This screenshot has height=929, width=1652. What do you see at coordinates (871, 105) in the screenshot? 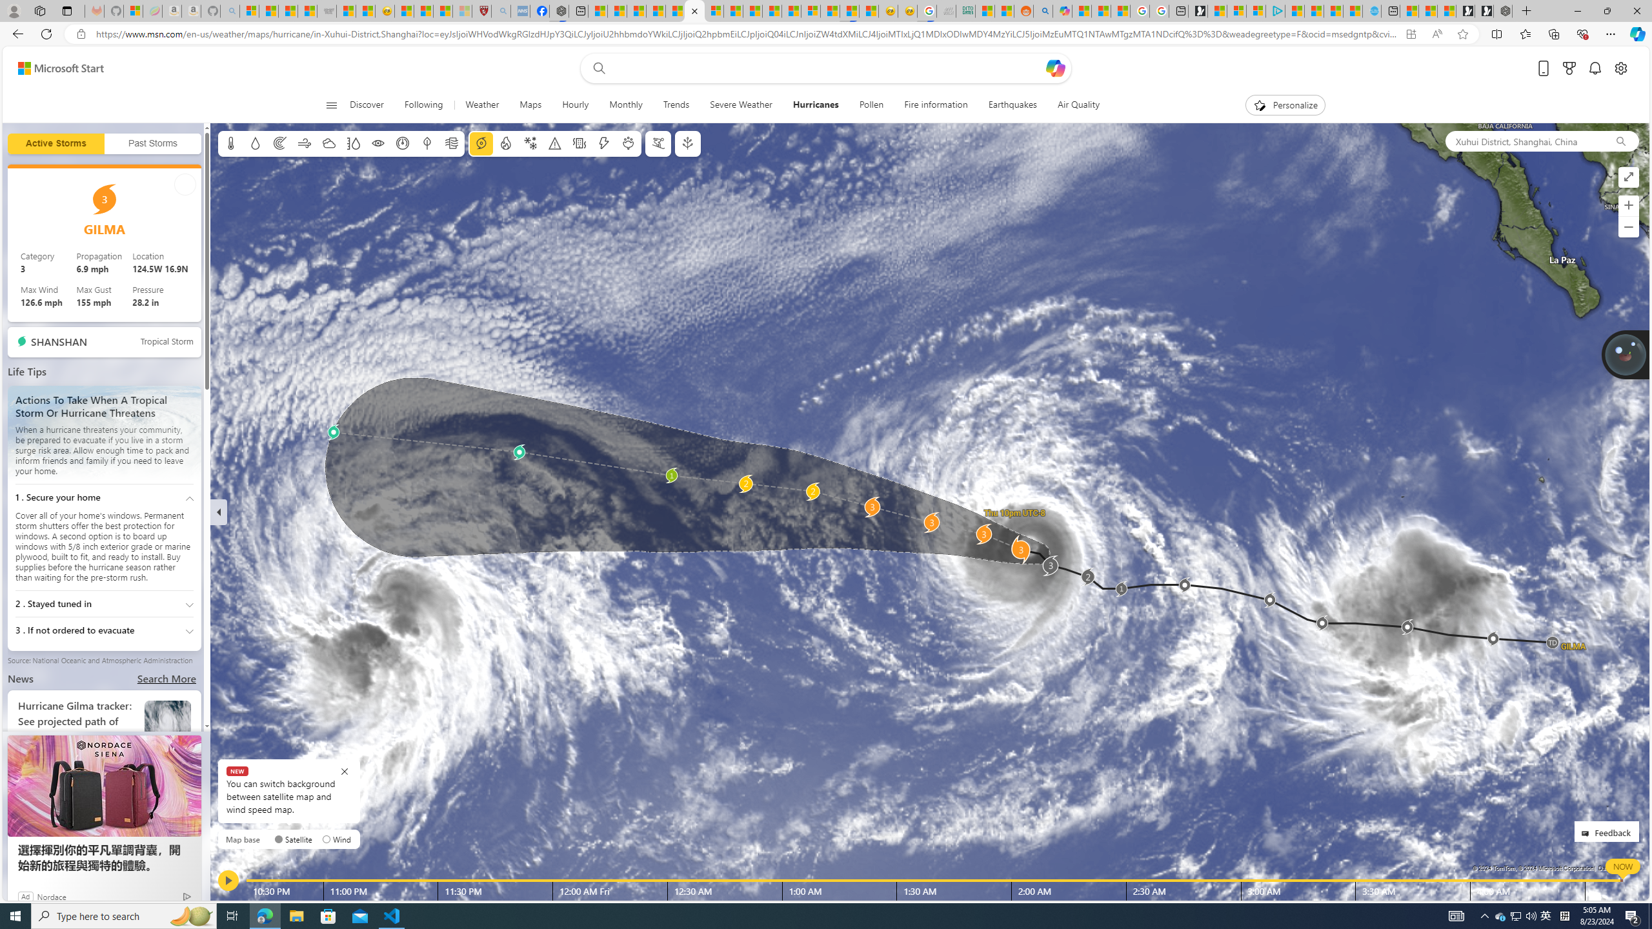
I see `'Pollen'` at bounding box center [871, 105].